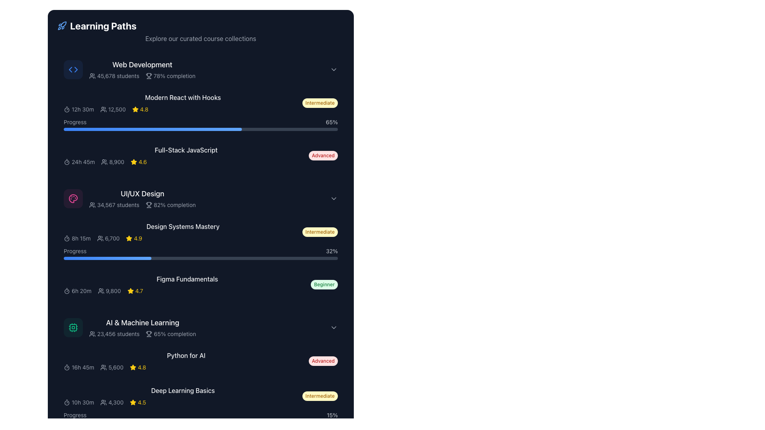  Describe the element at coordinates (104, 162) in the screenshot. I see `the user-related icon located immediately to the left of the numeric value '8,900' in the second item of the 'Learning Paths' list under the 'Full-Stack JavaScript' course entry` at that location.